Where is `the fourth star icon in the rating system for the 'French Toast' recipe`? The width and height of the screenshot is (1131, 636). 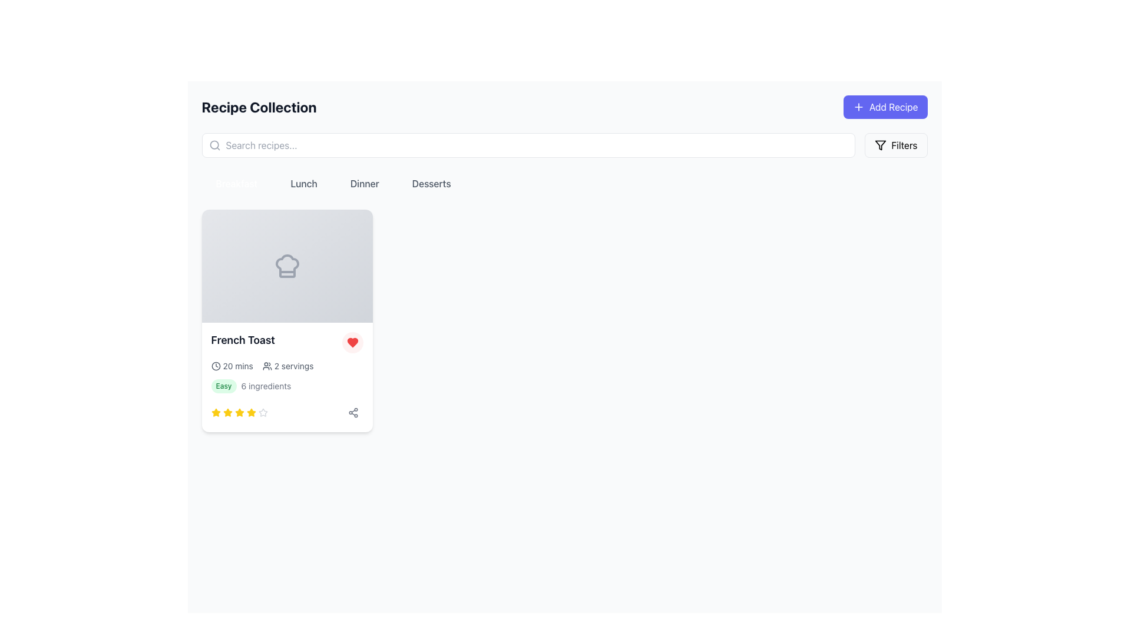
the fourth star icon in the rating system for the 'French Toast' recipe is located at coordinates (239, 412).